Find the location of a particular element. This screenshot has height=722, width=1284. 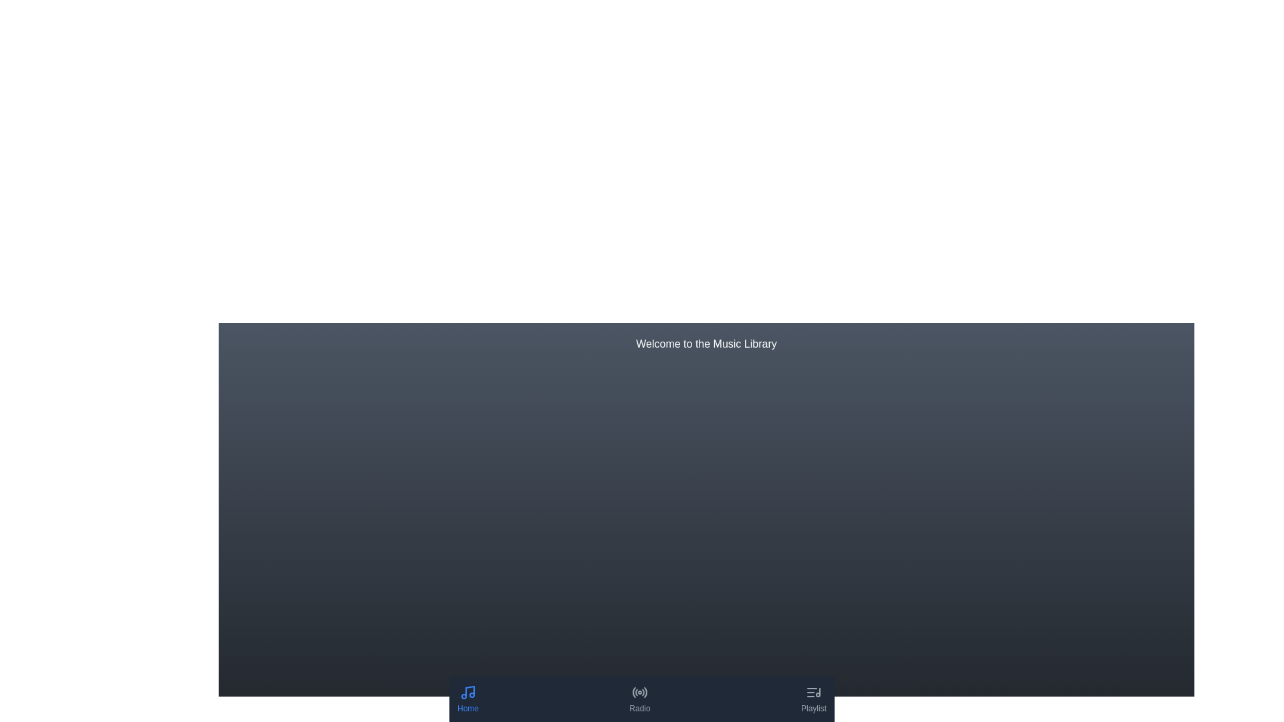

the 'Radio' text label located at the bottom center of the navigation bar, which serves as a label for the corresponding icon above it is located at coordinates (639, 708).